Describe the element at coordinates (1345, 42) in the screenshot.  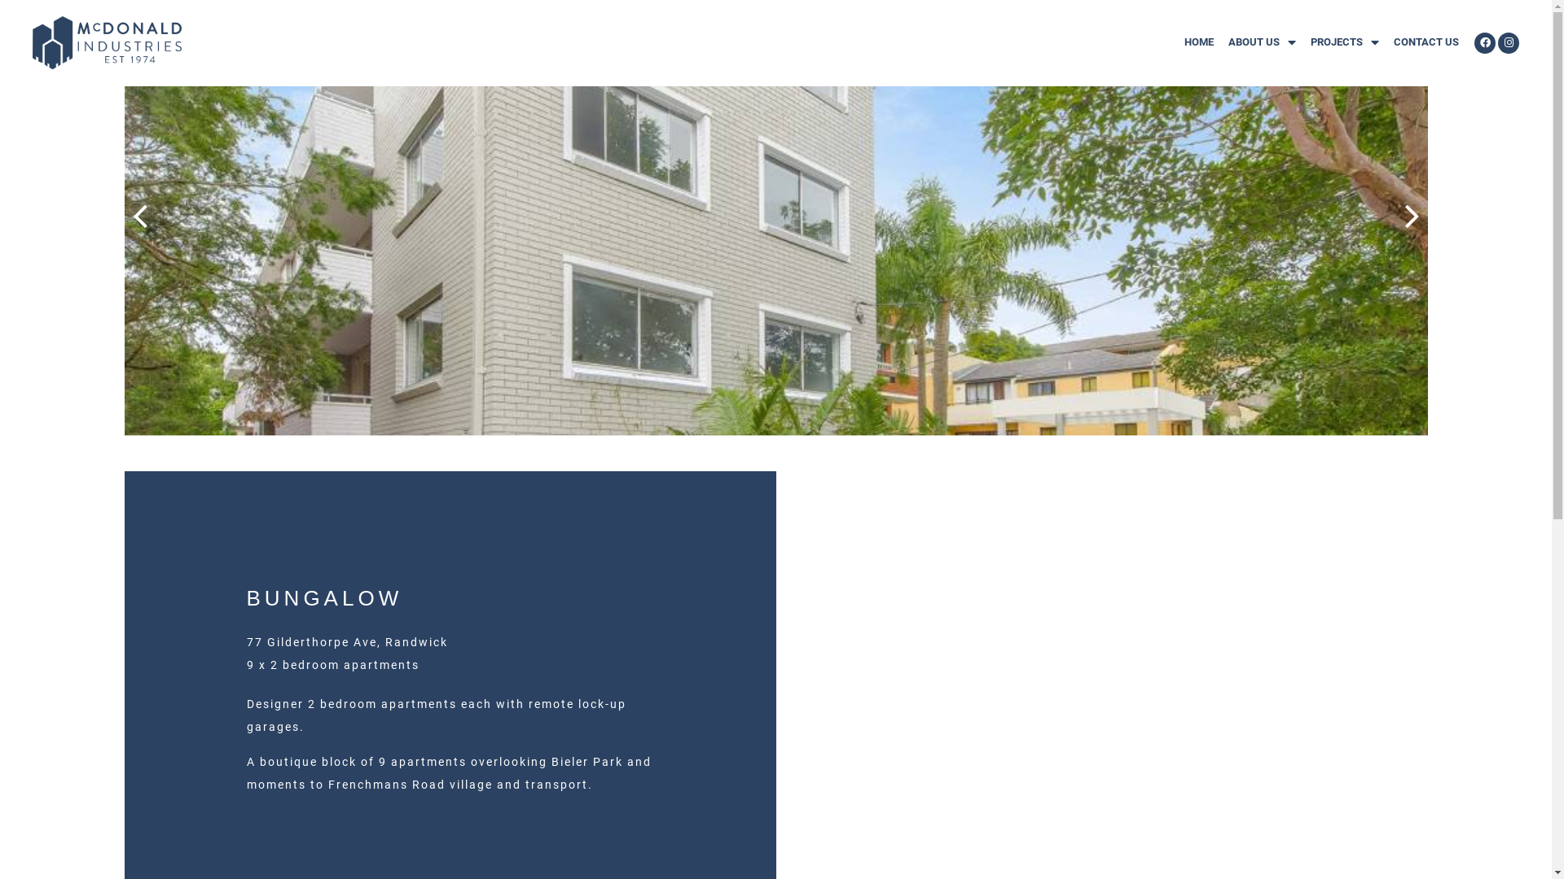
I see `'PROJECTS'` at that location.